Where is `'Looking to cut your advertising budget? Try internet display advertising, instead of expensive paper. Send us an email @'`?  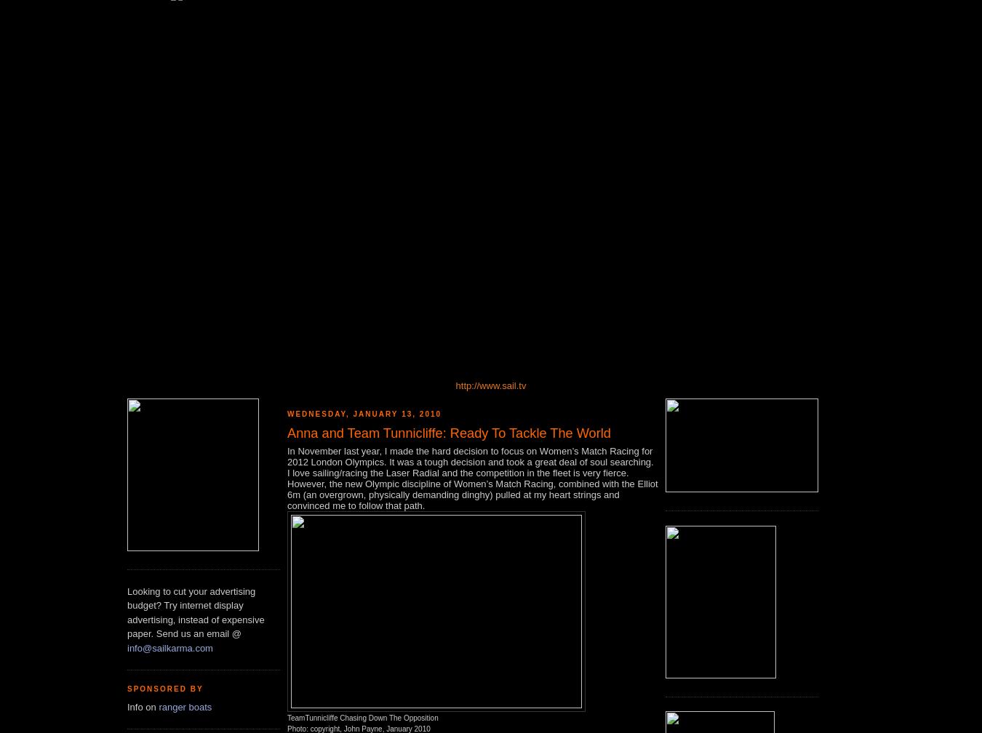 'Looking to cut your advertising budget? Try internet display advertising, instead of expensive paper. Send us an email @' is located at coordinates (195, 612).